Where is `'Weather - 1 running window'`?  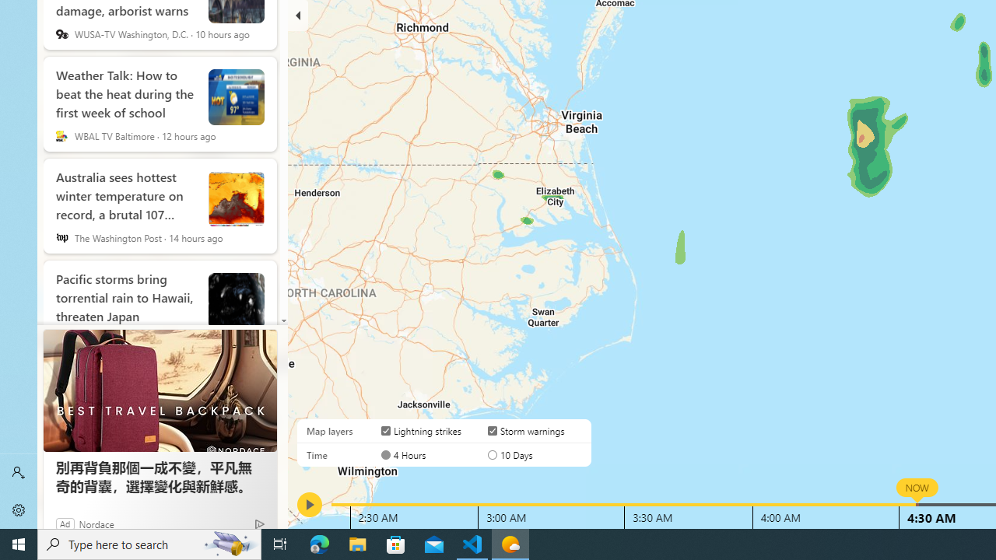 'Weather - 1 running window' is located at coordinates (510, 543).